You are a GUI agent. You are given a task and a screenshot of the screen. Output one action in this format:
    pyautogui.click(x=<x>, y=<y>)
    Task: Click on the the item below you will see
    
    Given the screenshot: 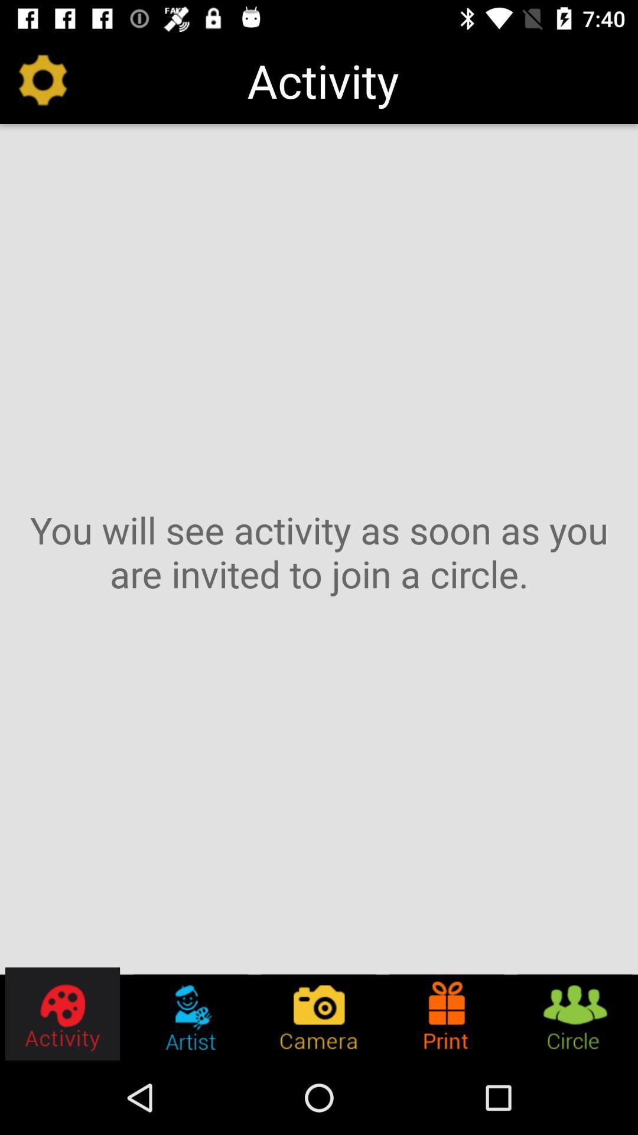 What is the action you would take?
    pyautogui.click(x=574, y=1013)
    